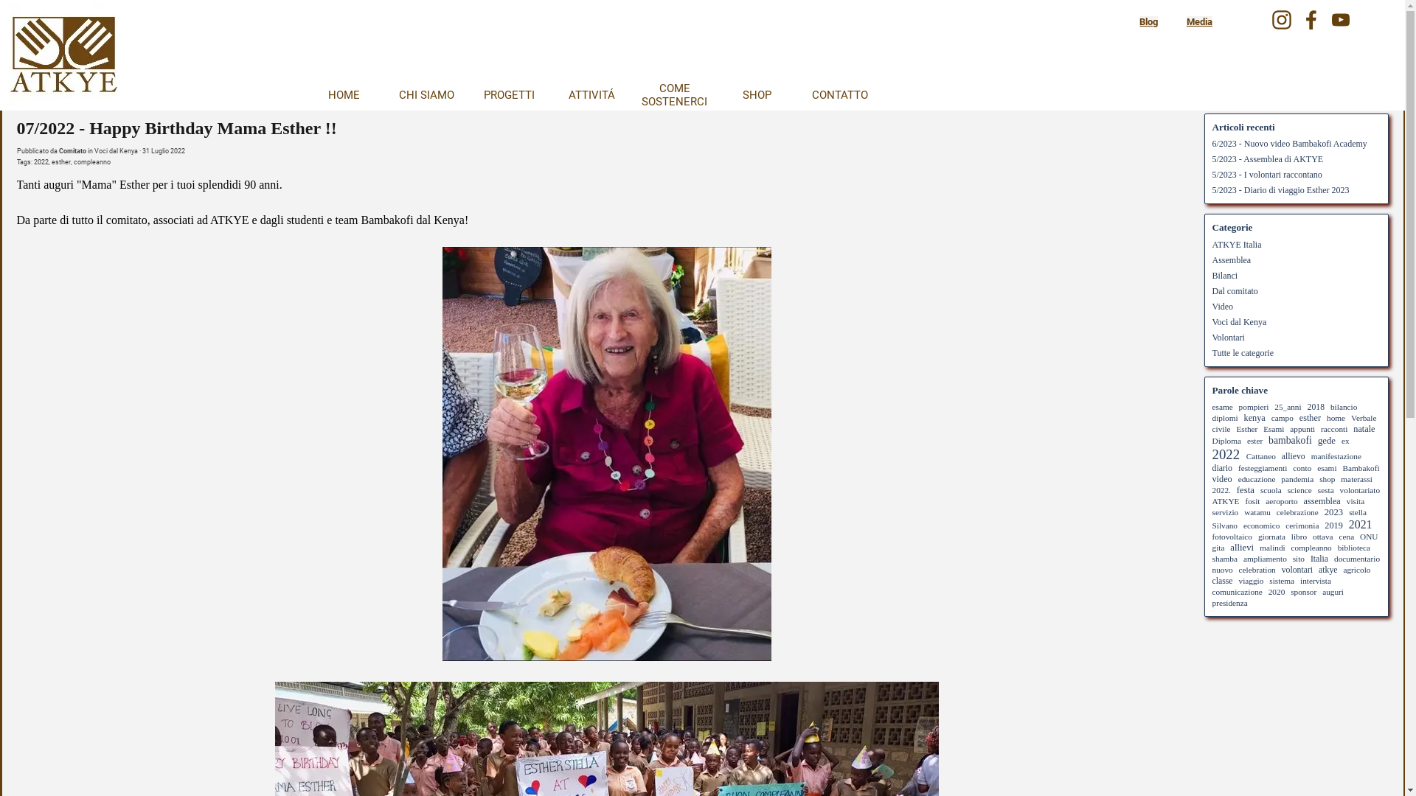  I want to click on 'Comitato', so click(72, 150).